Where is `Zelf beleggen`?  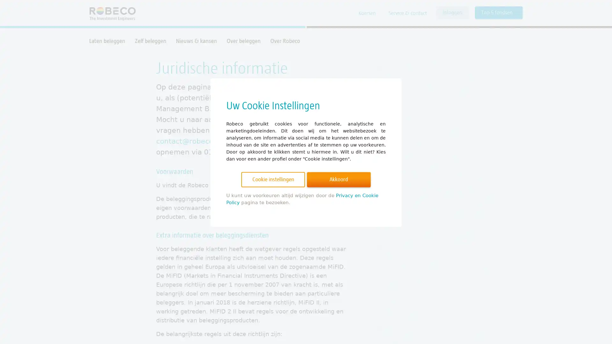 Zelf beleggen is located at coordinates (150, 41).